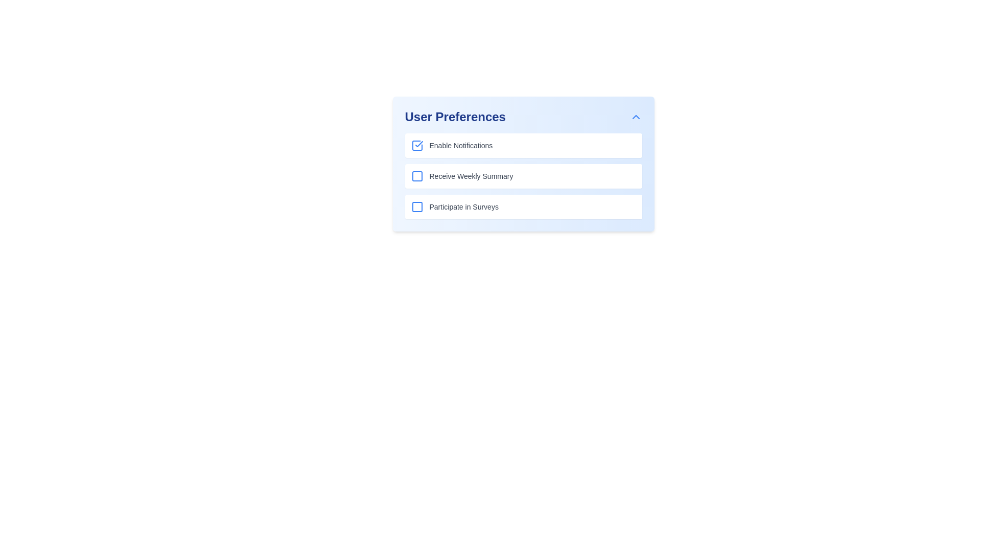 This screenshot has width=981, height=552. I want to click on the Checkbox with a blue border located to the left of the text 'Receive Weekly Summary', so click(417, 175).